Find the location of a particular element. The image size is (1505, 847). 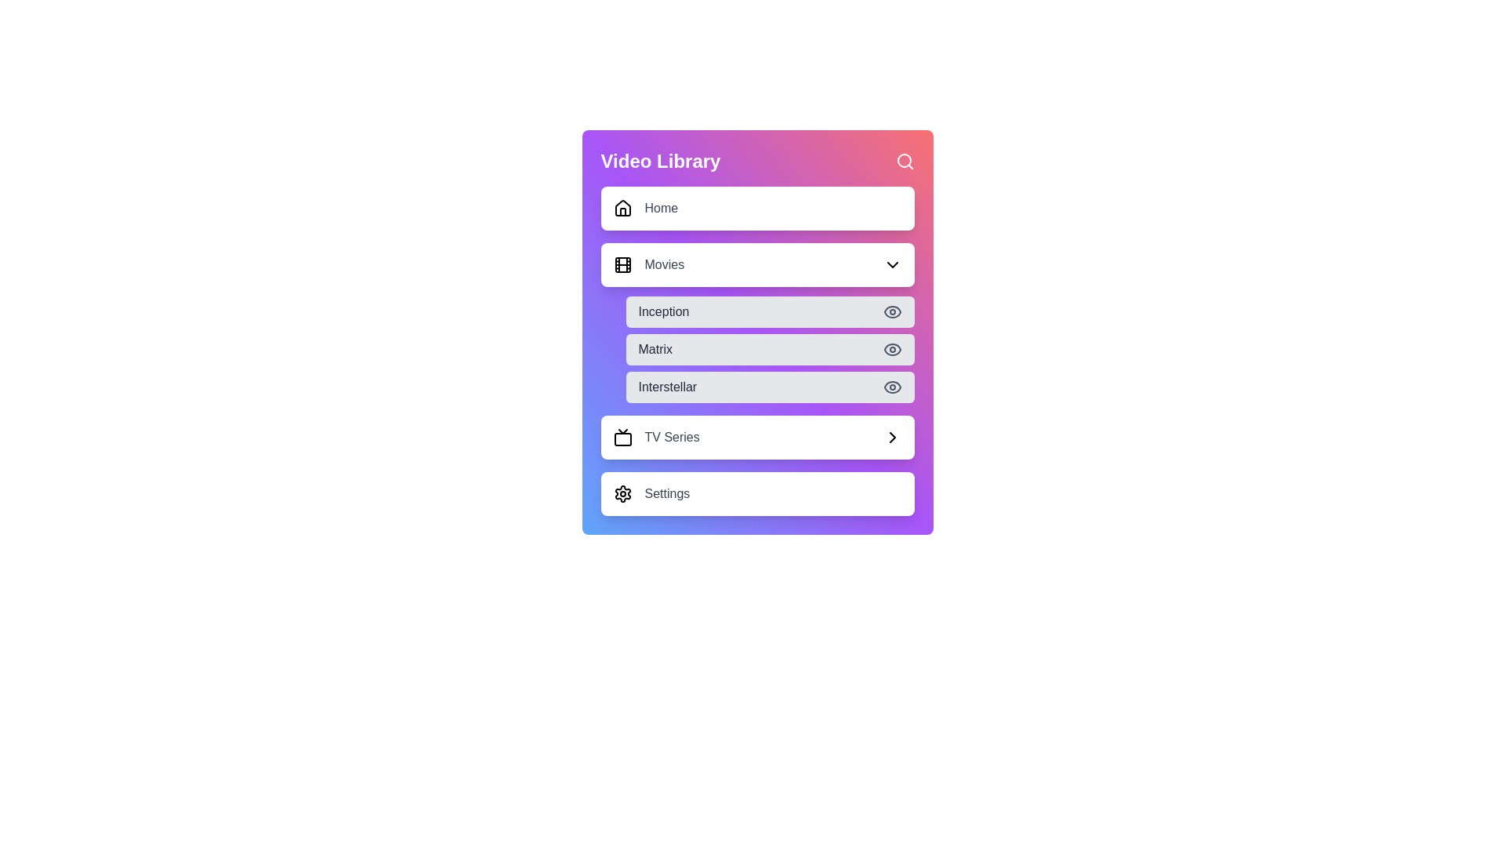

the icon at the far right end of the 'TV Series' button is located at coordinates (892, 438).